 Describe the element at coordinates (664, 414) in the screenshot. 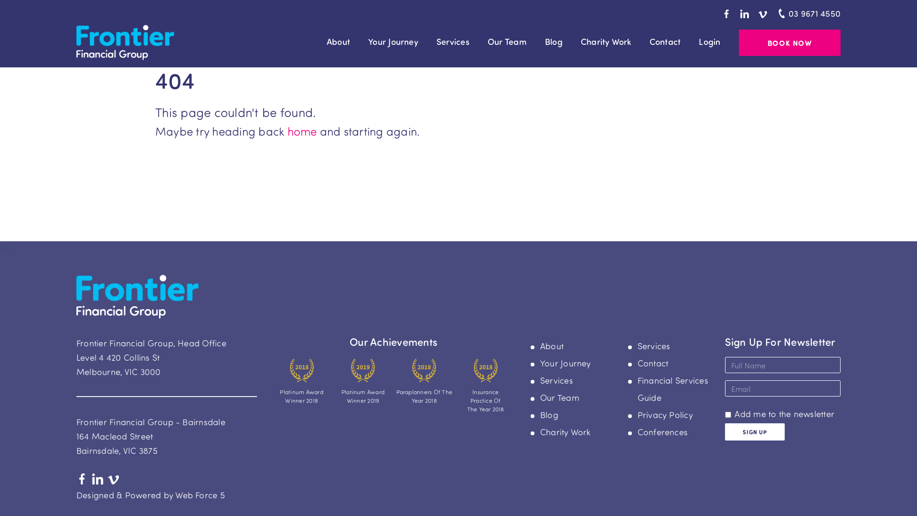

I see `'Privacy Policy'` at that location.